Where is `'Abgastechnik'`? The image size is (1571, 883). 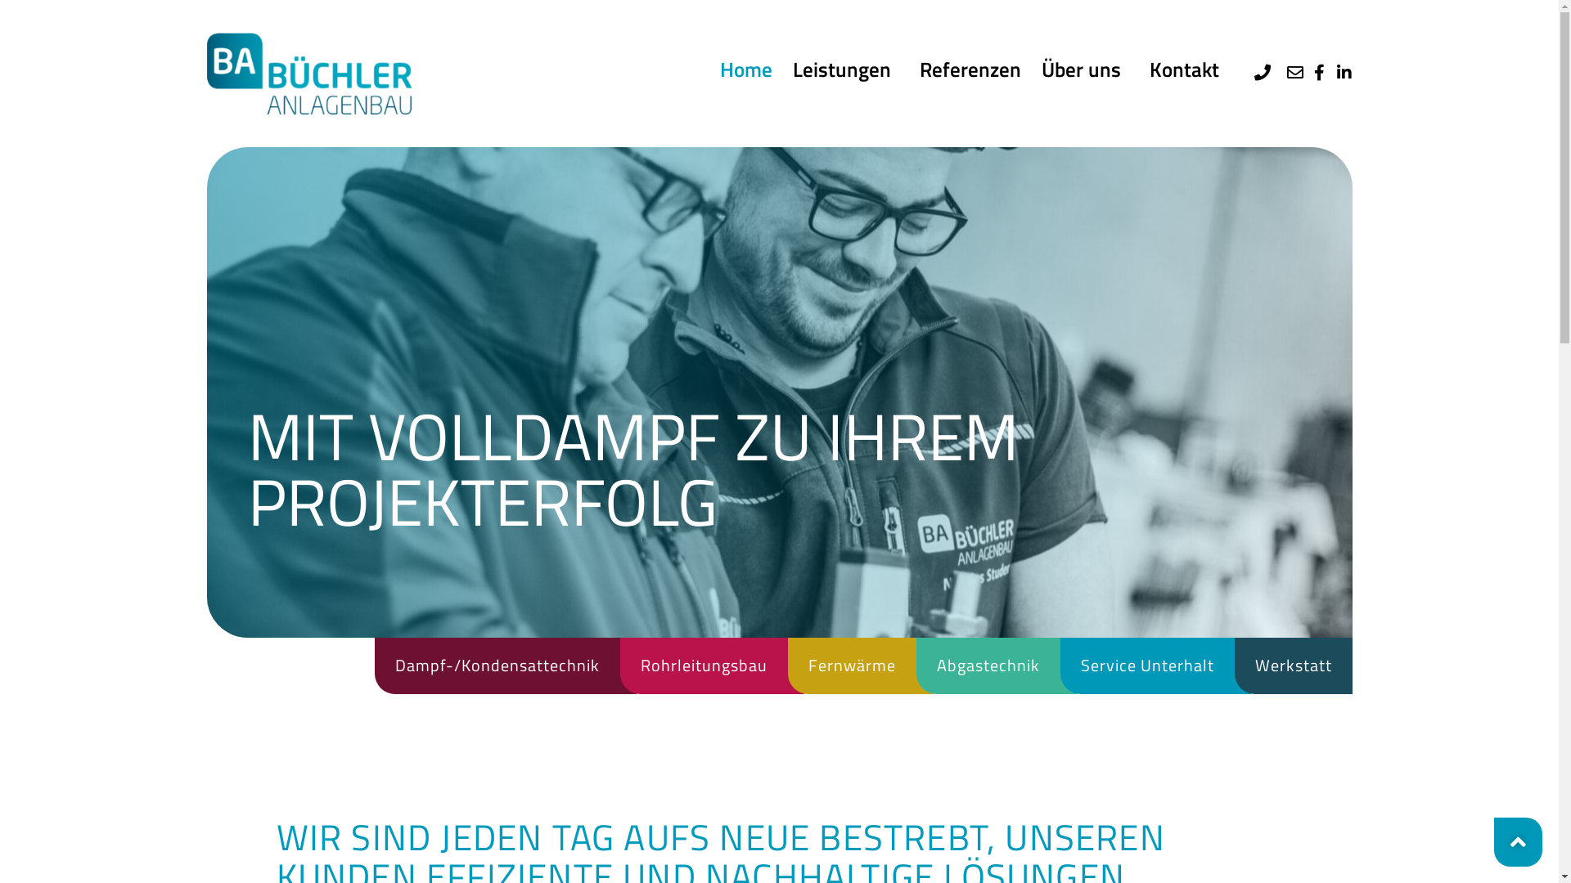
'Abgastechnik' is located at coordinates (986, 665).